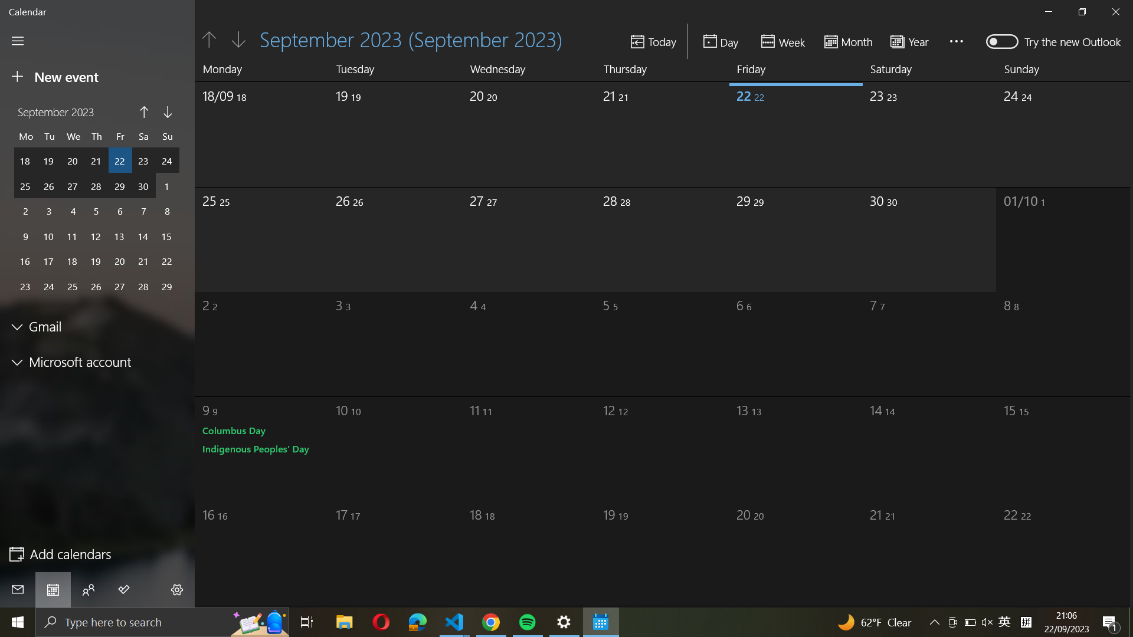 The width and height of the screenshot is (1133, 637). What do you see at coordinates (913, 40) in the screenshot?
I see `Switch mode to "yearly" calendar` at bounding box center [913, 40].